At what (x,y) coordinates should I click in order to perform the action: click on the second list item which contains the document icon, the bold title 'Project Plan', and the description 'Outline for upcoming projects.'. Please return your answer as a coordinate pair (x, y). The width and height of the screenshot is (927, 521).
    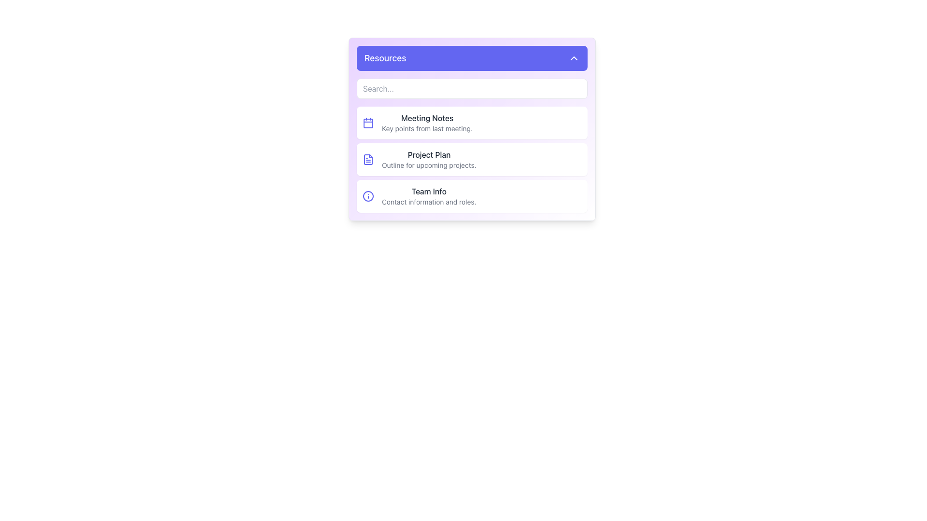
    Looking at the image, I should click on (472, 159).